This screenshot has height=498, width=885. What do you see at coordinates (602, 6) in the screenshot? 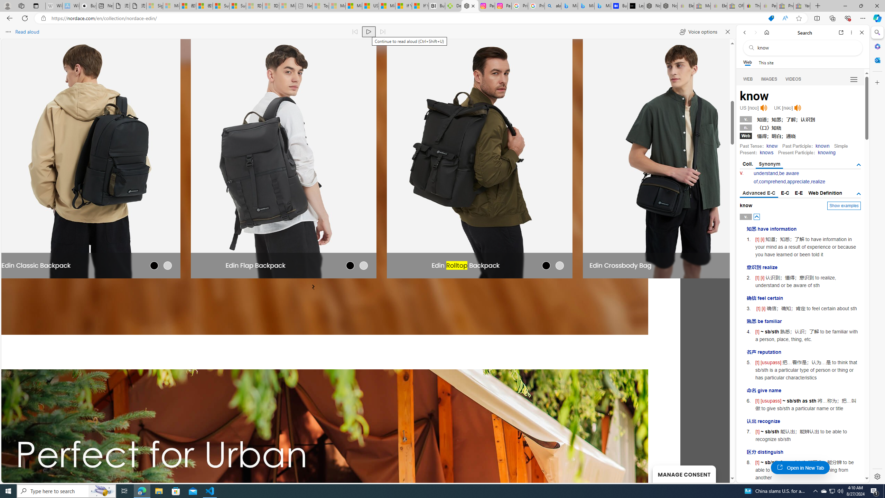
I see `'Microsoft Bing Travel - Shangri-La Hotel Bangkok'` at bounding box center [602, 6].